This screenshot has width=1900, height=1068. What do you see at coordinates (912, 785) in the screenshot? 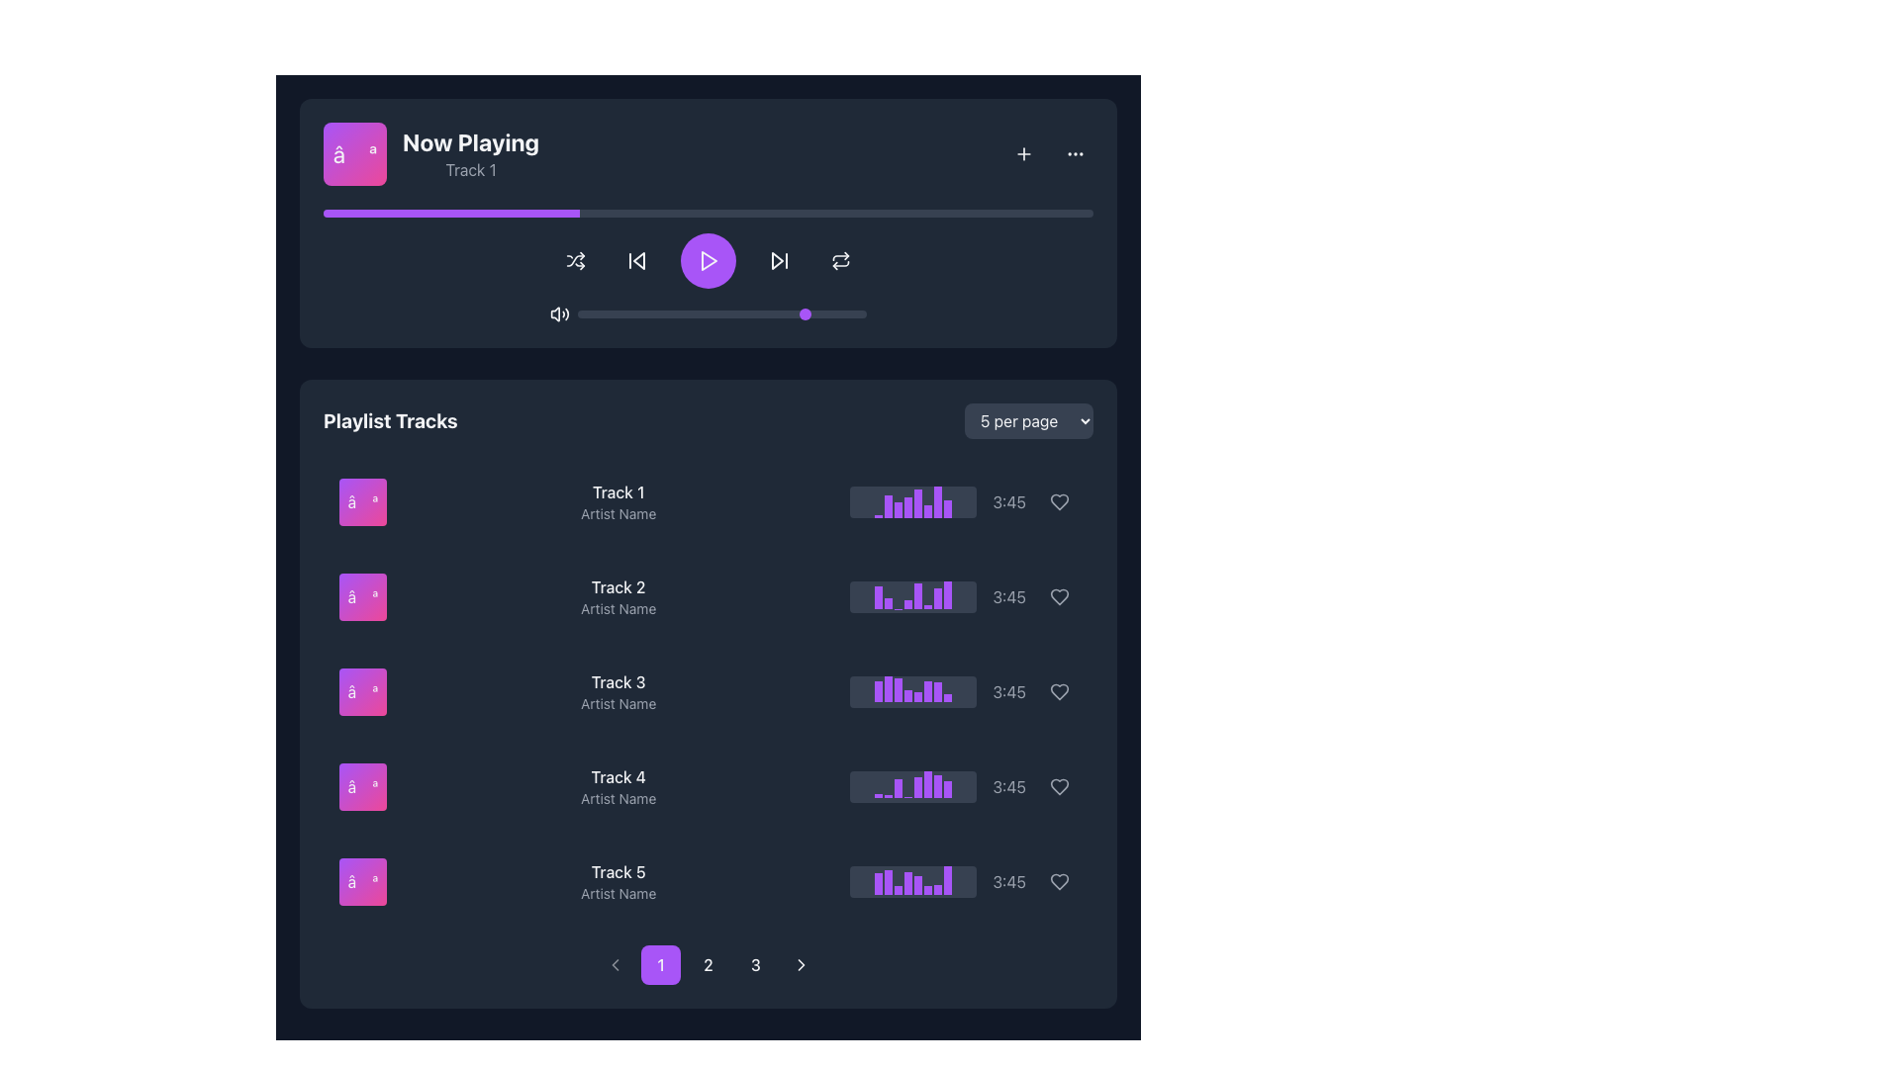
I see `the graphical representation for track 4, located next to the track duration '3:45' and to the left of a heart icon` at bounding box center [912, 785].